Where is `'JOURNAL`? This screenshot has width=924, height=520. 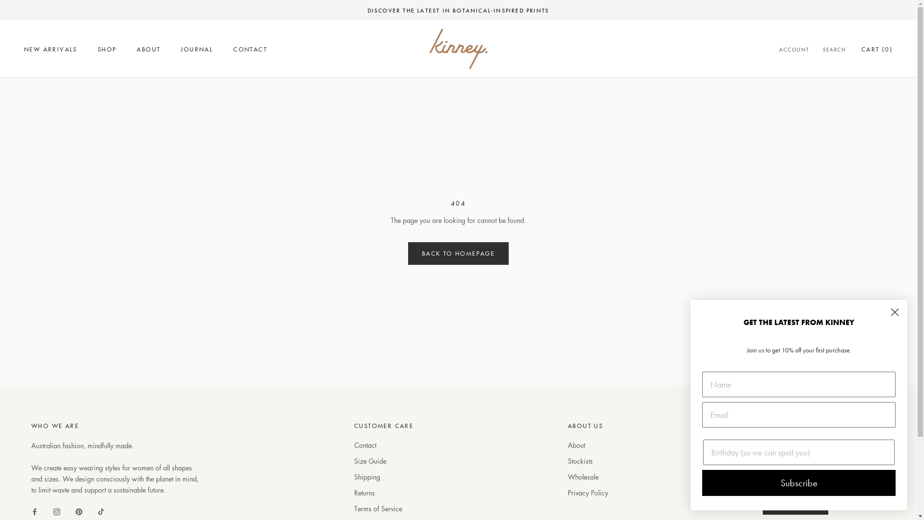 'JOURNAL is located at coordinates (196, 49).